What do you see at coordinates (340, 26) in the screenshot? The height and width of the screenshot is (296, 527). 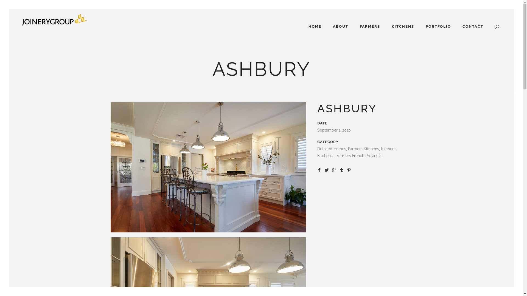 I see `'ABOUT'` at bounding box center [340, 26].